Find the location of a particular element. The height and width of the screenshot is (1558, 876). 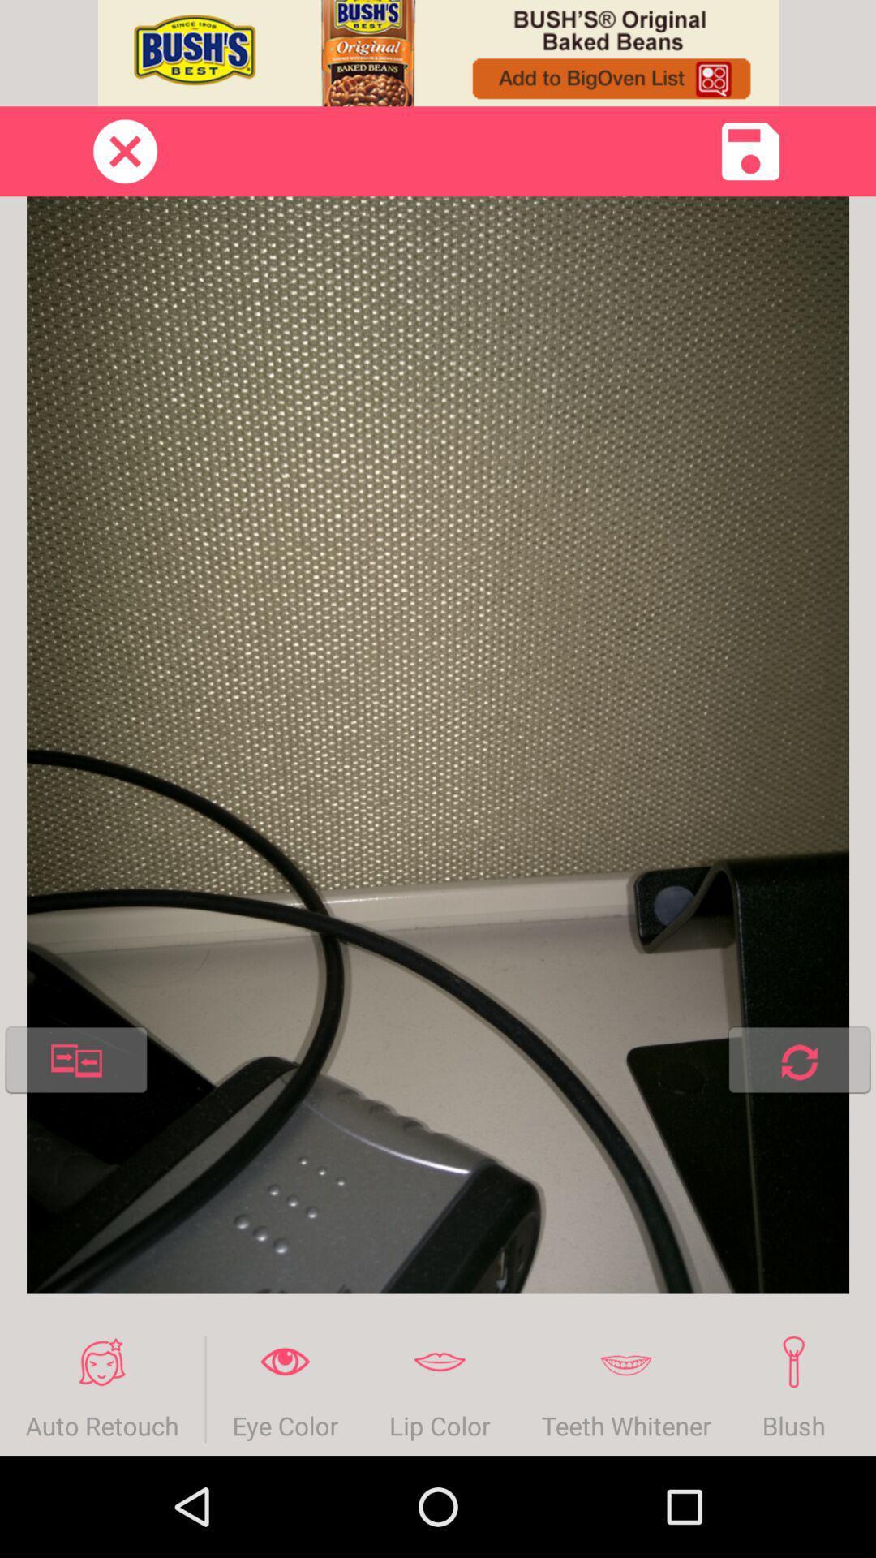

the item to the left of the teeth whitener item is located at coordinates (440, 1388).